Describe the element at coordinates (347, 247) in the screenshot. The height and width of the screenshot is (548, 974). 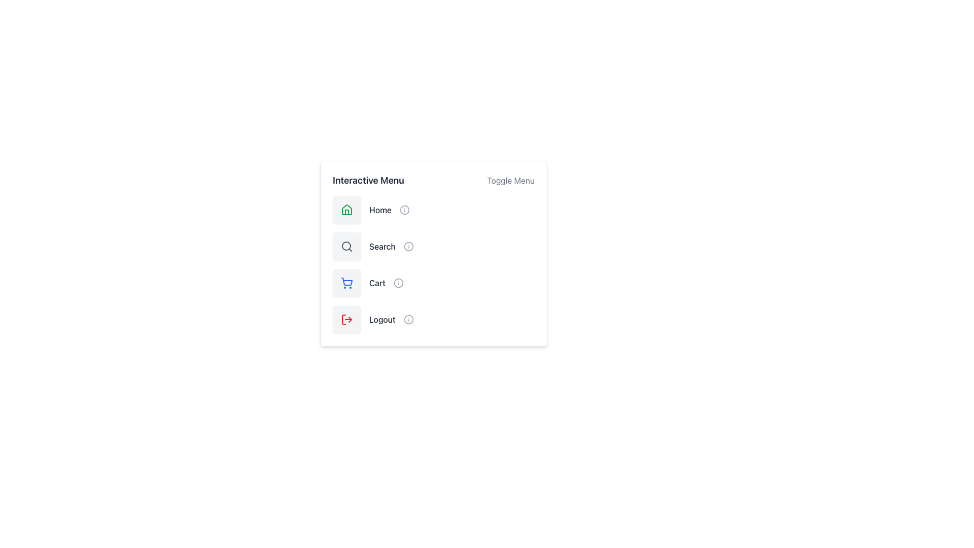
I see `the second button in the 'Interactive Menu', which is a square button with rounded corners featuring a magnifying glass icon and a gray background` at that location.